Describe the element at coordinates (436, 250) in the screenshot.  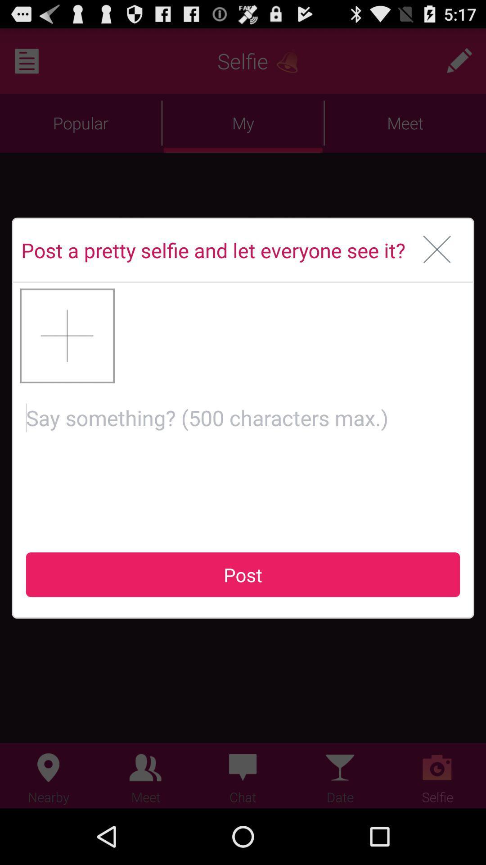
I see `box` at that location.